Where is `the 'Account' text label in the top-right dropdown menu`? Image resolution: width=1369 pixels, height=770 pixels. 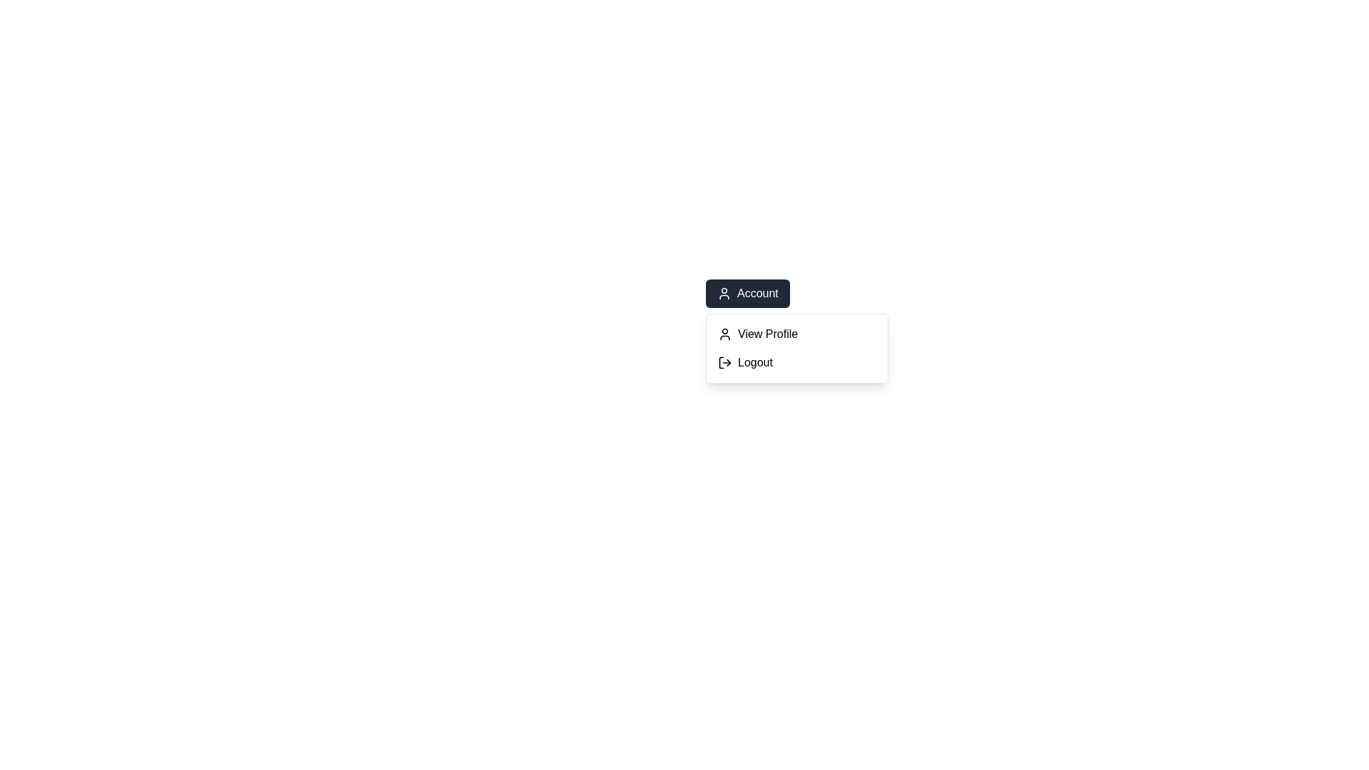 the 'Account' text label in the top-right dropdown menu is located at coordinates (757, 293).